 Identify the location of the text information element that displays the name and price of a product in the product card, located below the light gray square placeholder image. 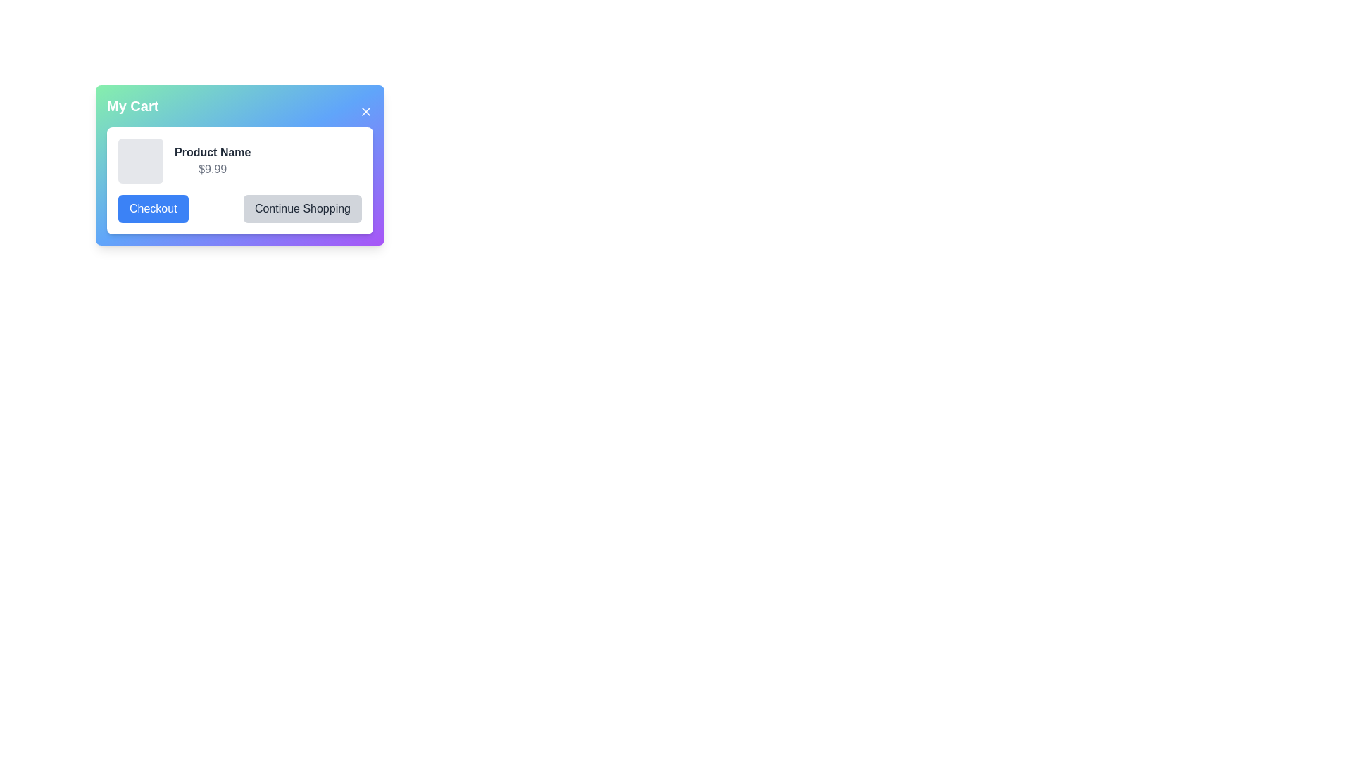
(212, 160).